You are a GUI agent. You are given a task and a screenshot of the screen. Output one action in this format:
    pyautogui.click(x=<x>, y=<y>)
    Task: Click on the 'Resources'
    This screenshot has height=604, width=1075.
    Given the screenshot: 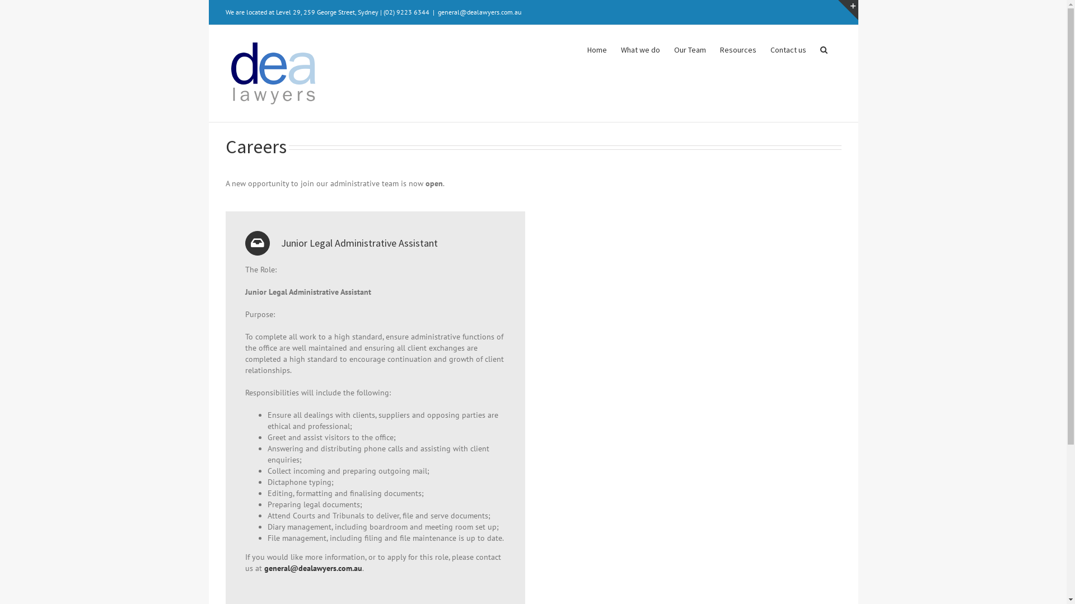 What is the action you would take?
    pyautogui.click(x=738, y=48)
    